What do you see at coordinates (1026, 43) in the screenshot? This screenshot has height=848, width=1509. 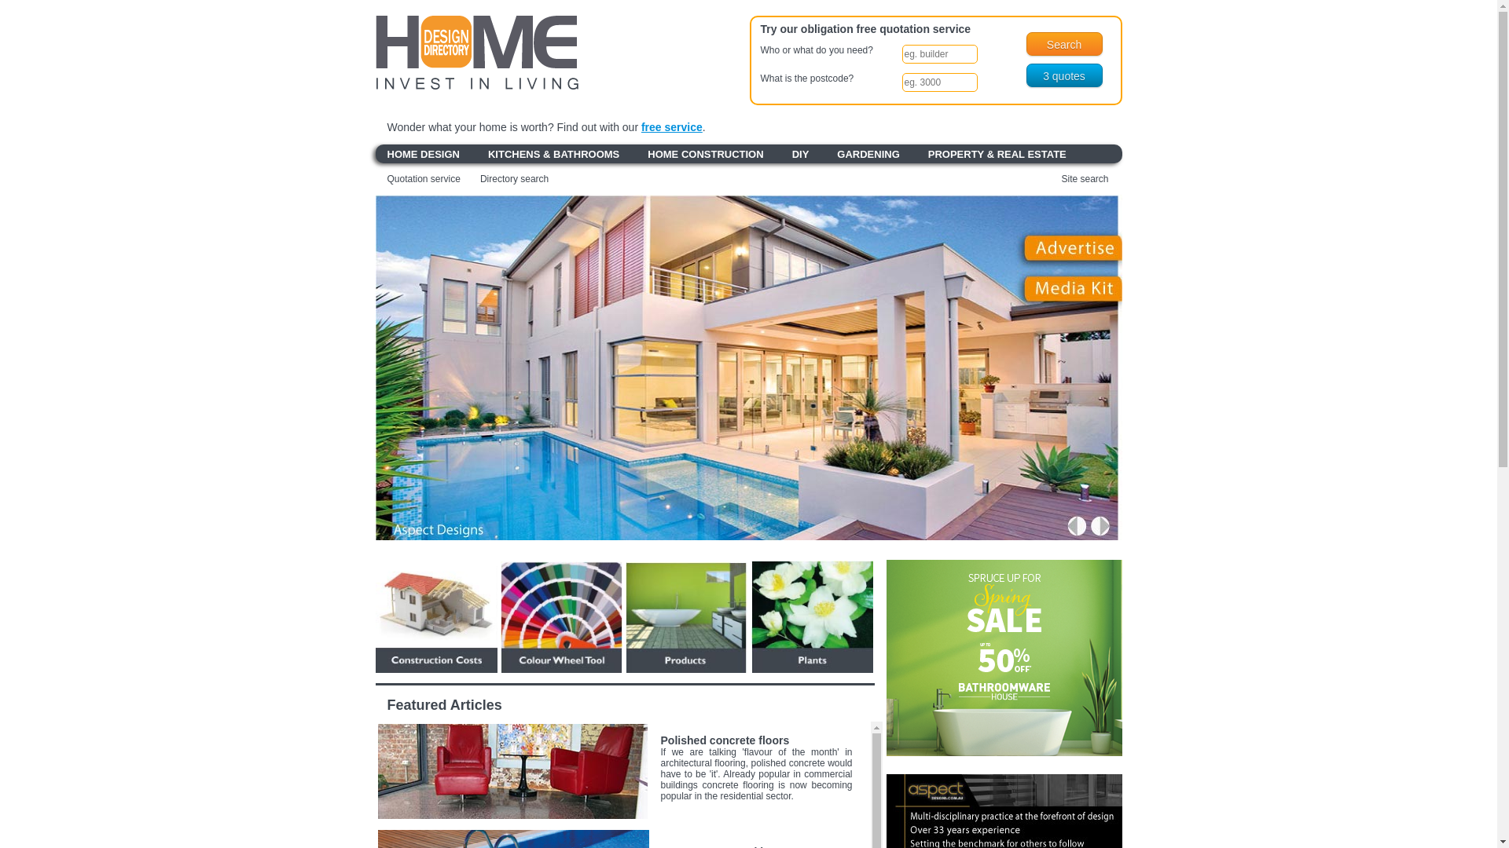 I see `'Search'` at bounding box center [1026, 43].